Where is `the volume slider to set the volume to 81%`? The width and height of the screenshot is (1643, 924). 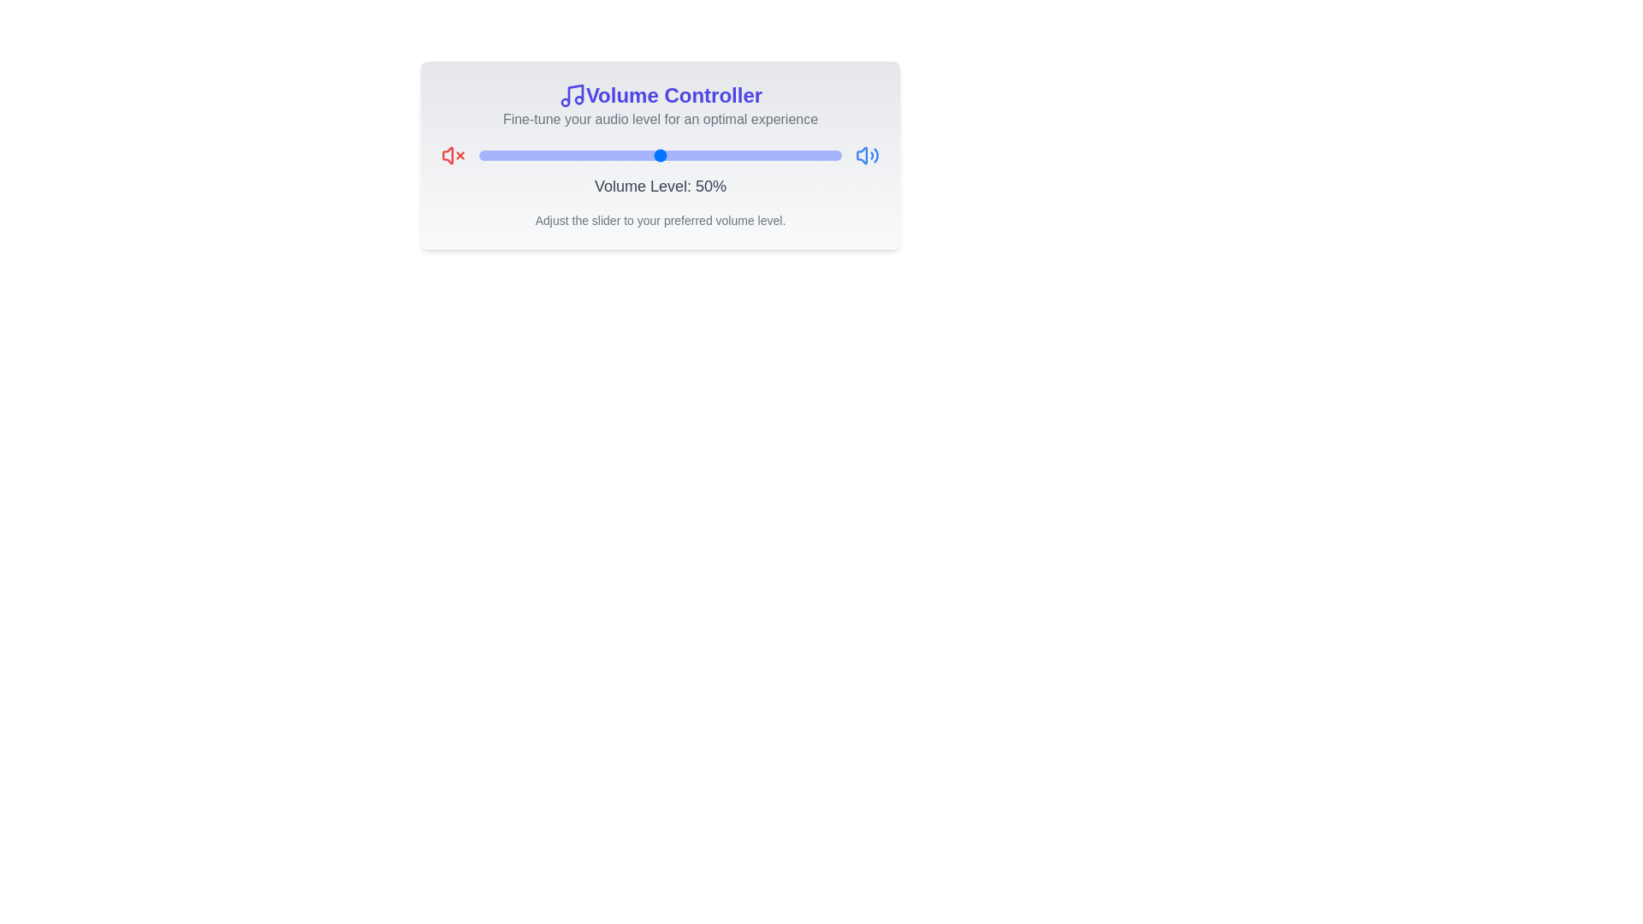 the volume slider to set the volume to 81% is located at coordinates (772, 155).